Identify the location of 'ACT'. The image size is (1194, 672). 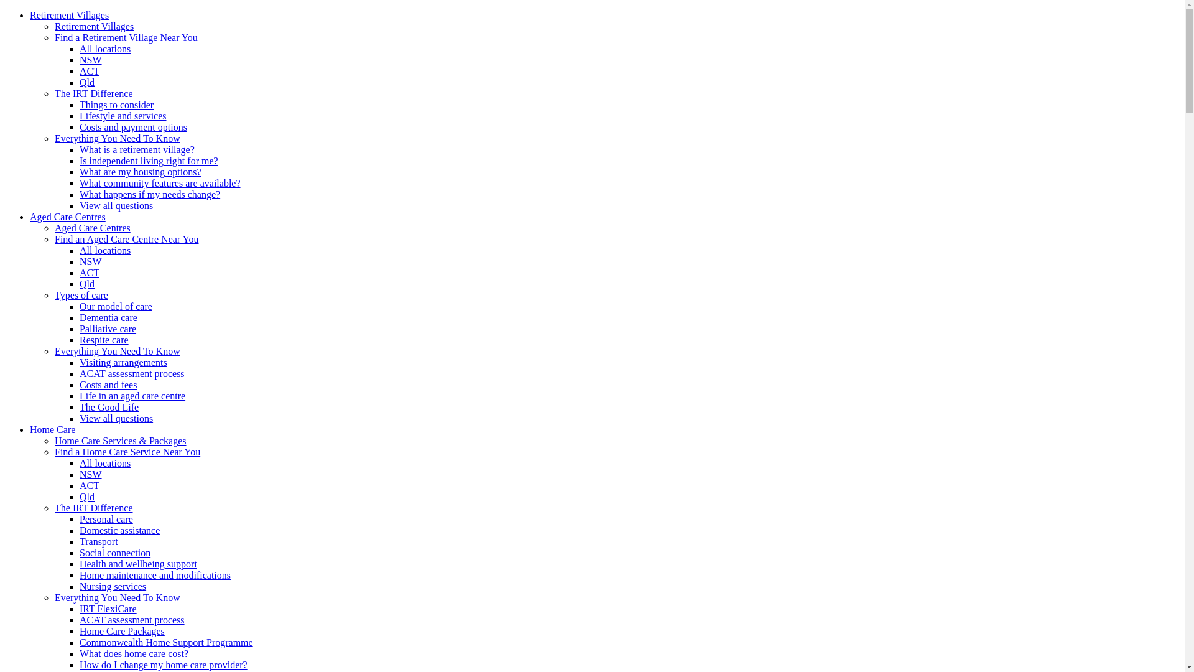
(89, 71).